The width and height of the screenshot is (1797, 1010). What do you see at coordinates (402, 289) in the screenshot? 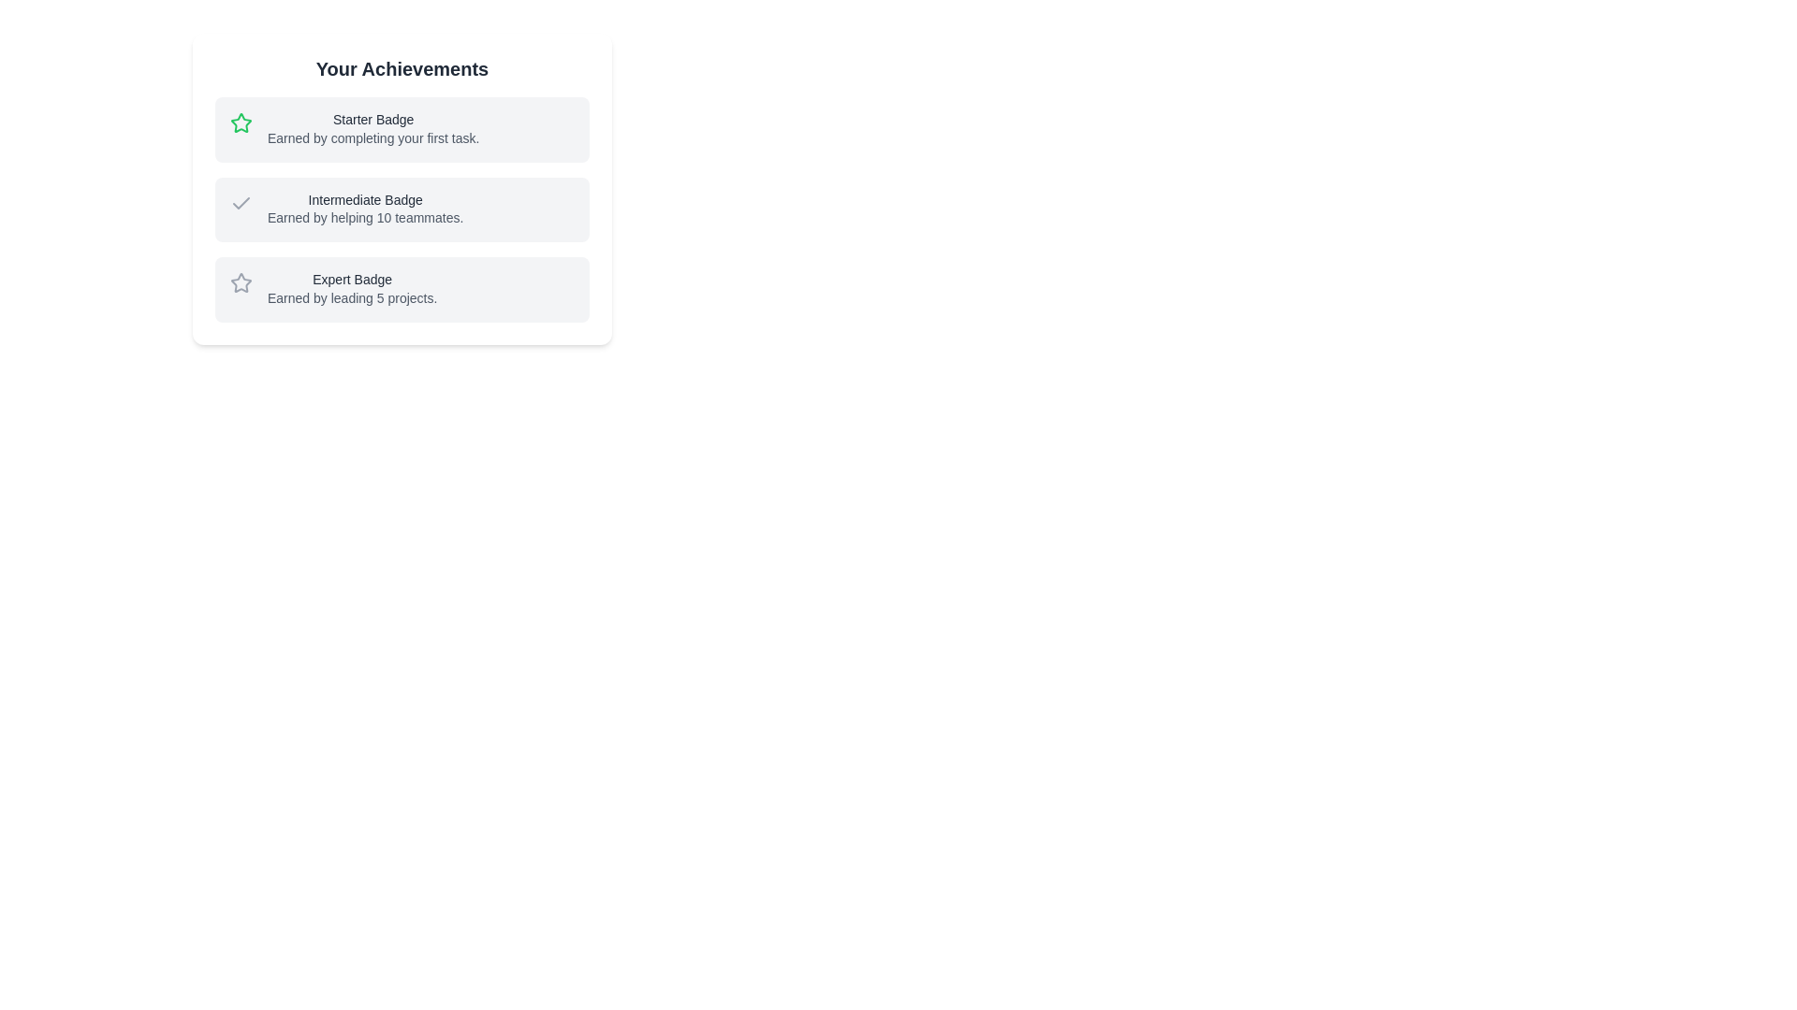
I see `text displayed on the badge located at the bottom of the badge display component, which is the third badge in the series` at bounding box center [402, 289].